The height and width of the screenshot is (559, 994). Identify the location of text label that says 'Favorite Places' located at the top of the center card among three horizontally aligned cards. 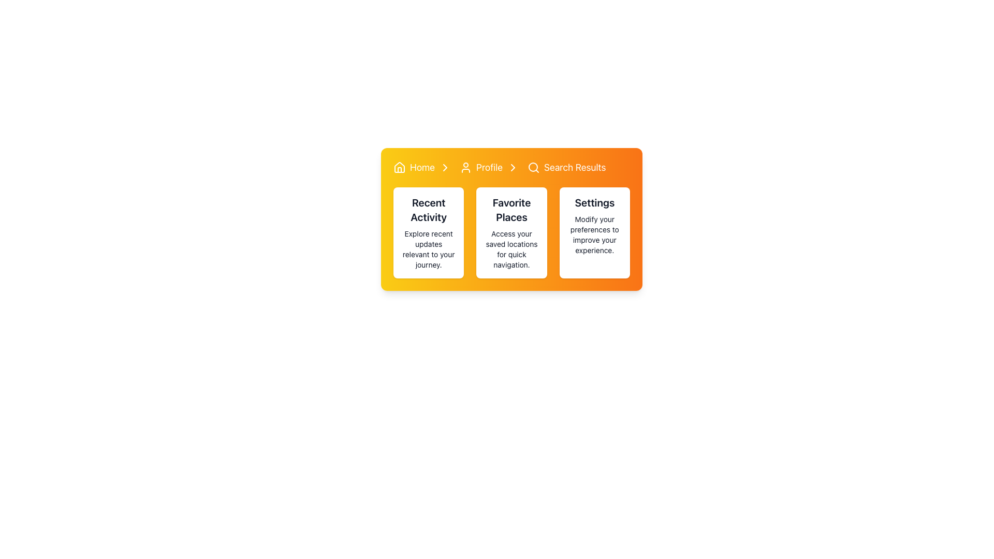
(511, 210).